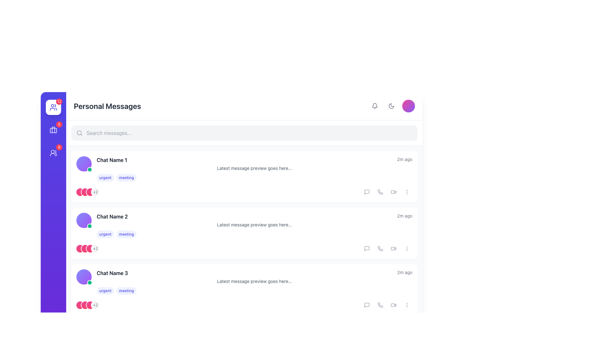  Describe the element at coordinates (89, 169) in the screenshot. I see `the green circular indicator with a white outline located at the bottom-right corner of the profile image for 'Chat Name 2' in the main chat list area` at that location.